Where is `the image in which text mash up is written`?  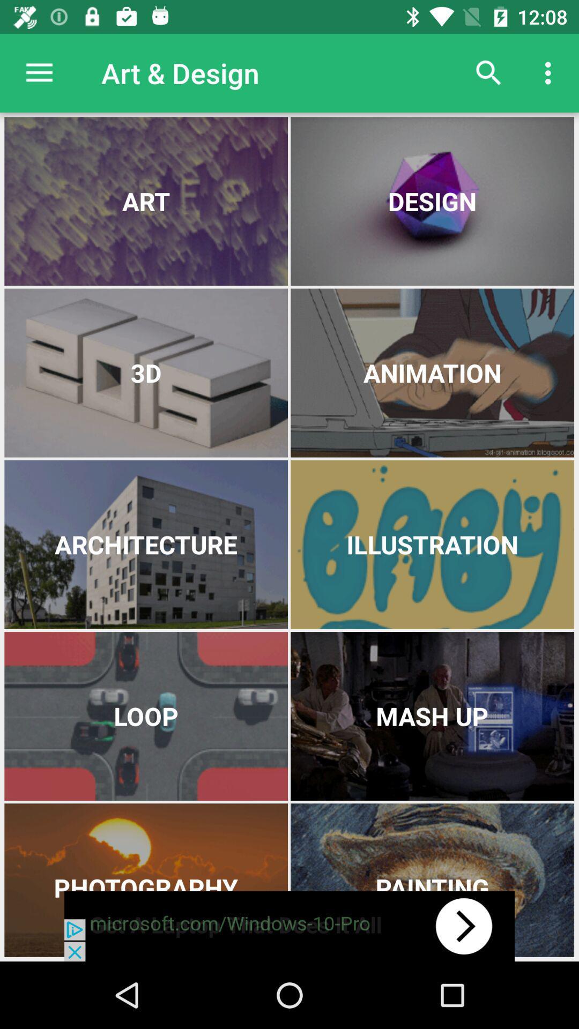
the image in which text mash up is written is located at coordinates (432, 716).